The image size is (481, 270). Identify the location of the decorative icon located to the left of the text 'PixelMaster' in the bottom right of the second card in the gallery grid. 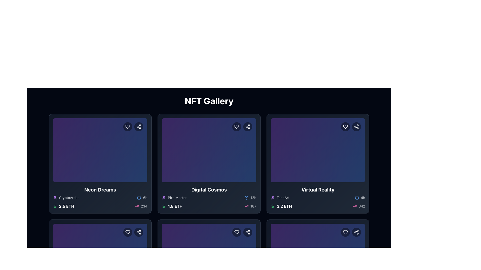
(164, 197).